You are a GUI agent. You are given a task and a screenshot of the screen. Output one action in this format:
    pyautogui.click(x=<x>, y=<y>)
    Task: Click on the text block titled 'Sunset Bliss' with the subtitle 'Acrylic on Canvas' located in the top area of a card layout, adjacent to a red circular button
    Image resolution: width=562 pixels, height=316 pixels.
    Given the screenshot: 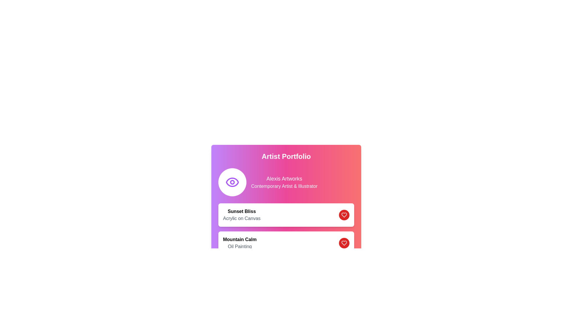 What is the action you would take?
    pyautogui.click(x=241, y=215)
    